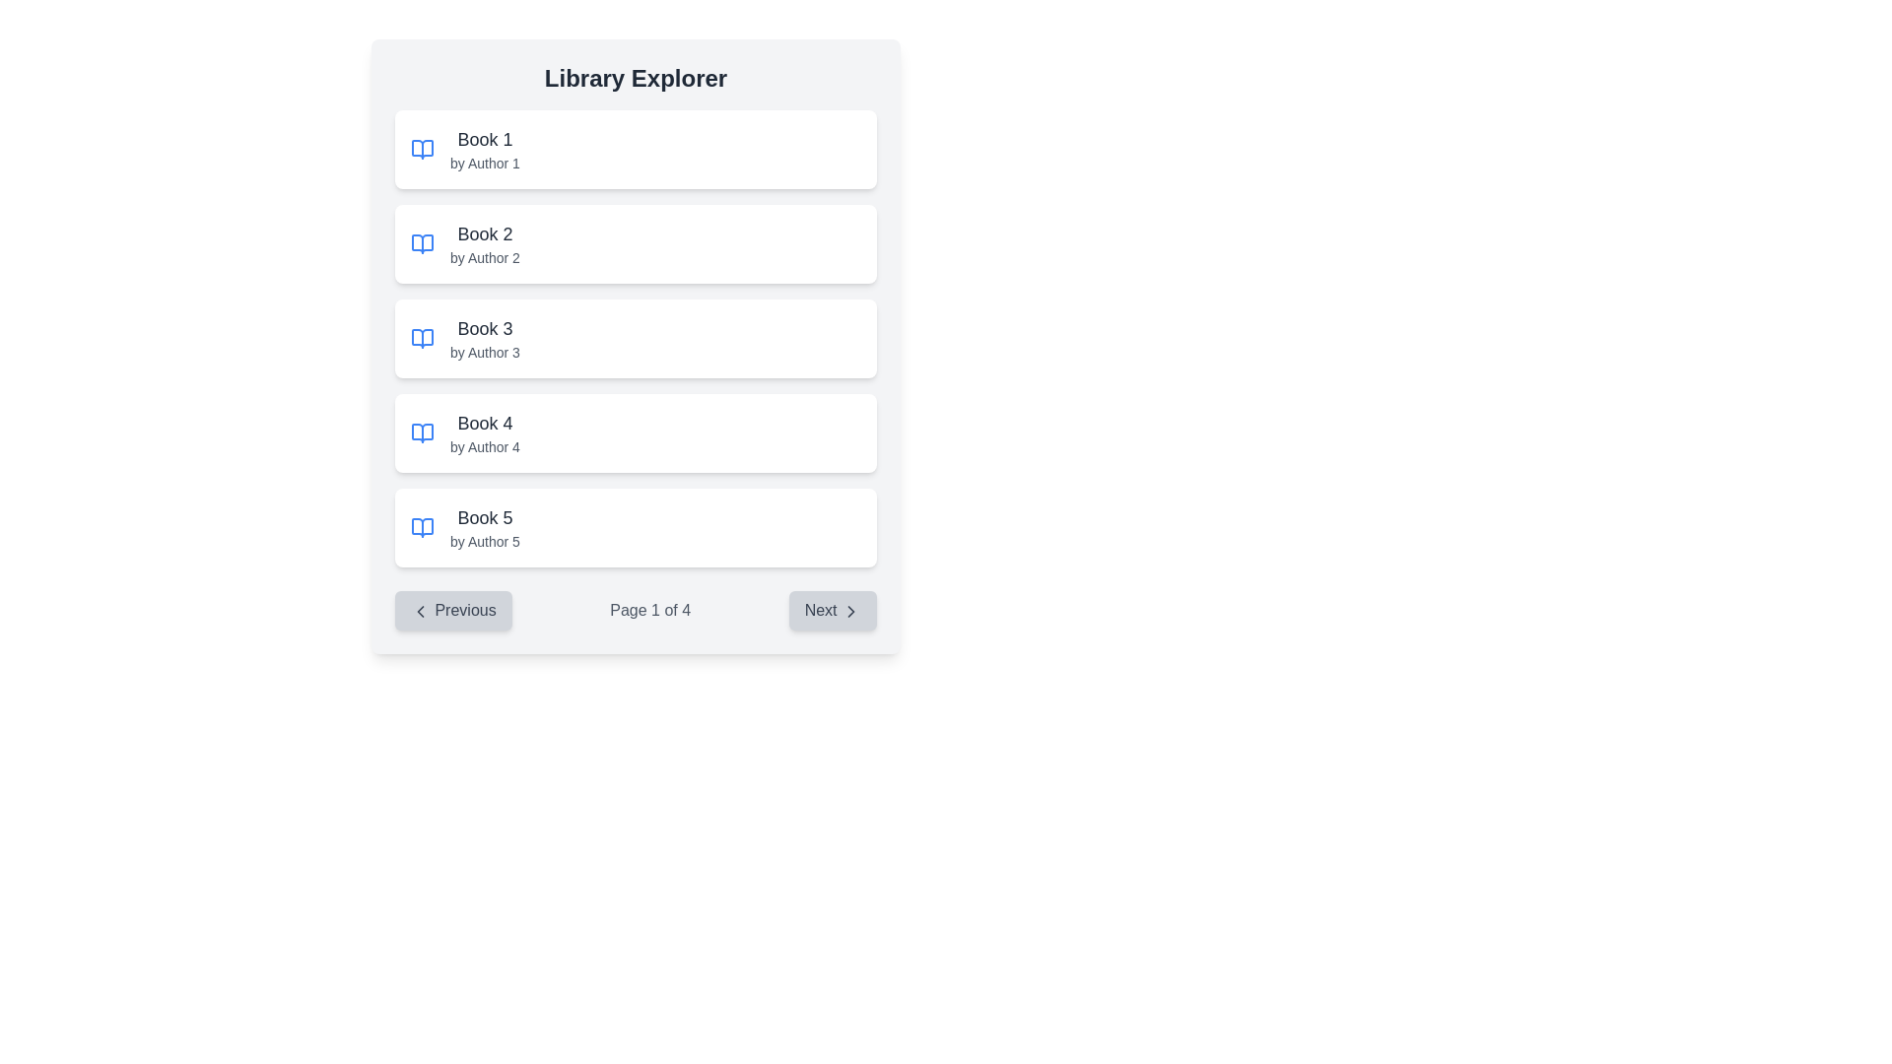  I want to click on the text label displaying 'by Author 2', which is located directly underneath the title 'Book 2' in a vertically stacked list of books, so click(485, 257).